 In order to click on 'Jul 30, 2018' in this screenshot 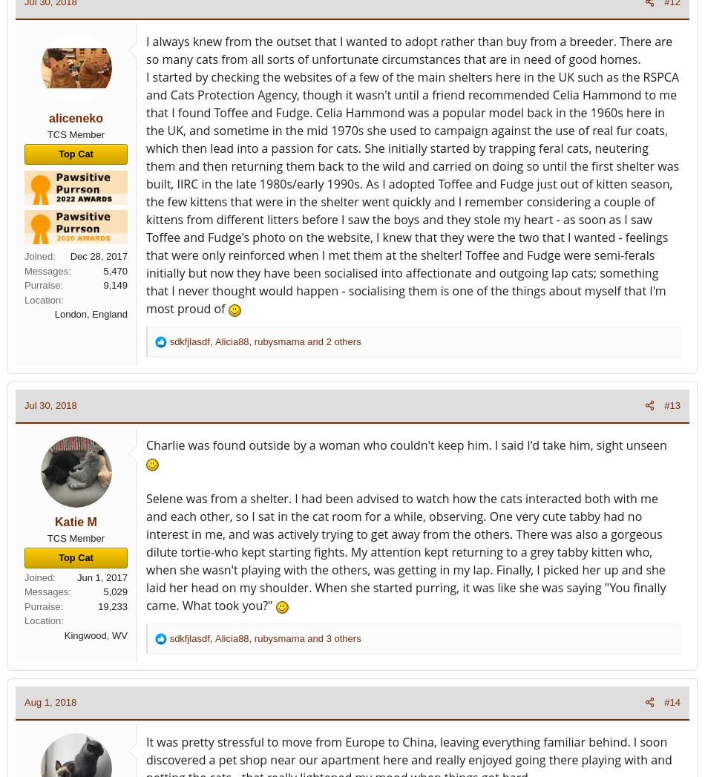, I will do `click(50, 405)`.